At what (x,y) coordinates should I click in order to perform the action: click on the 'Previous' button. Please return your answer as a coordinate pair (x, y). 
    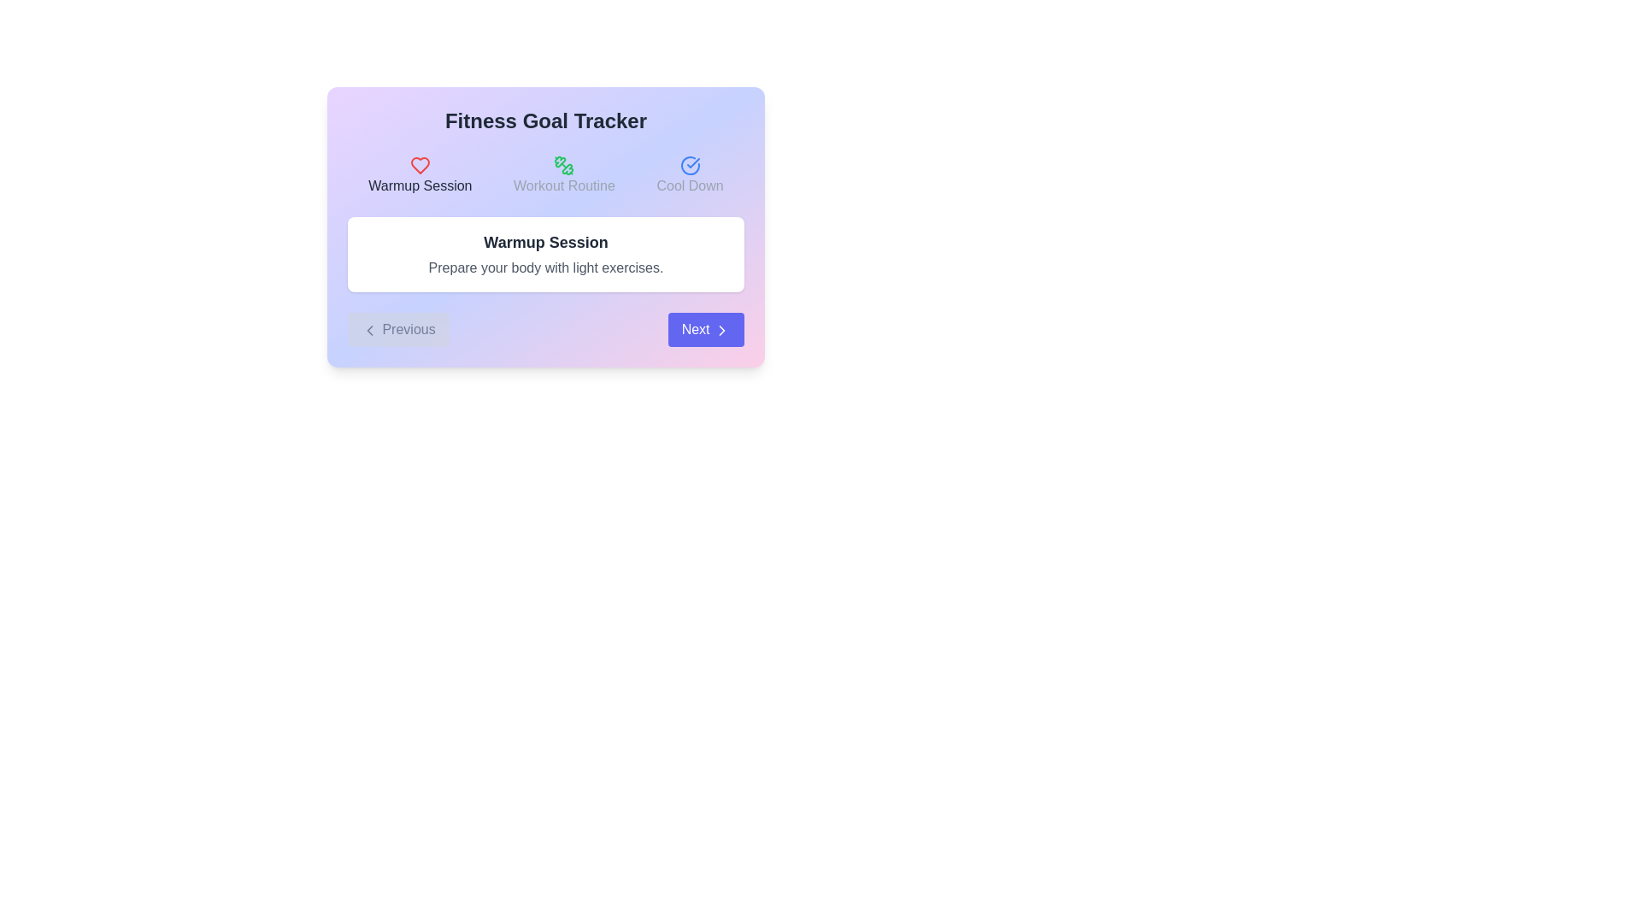
    Looking at the image, I should click on (397, 329).